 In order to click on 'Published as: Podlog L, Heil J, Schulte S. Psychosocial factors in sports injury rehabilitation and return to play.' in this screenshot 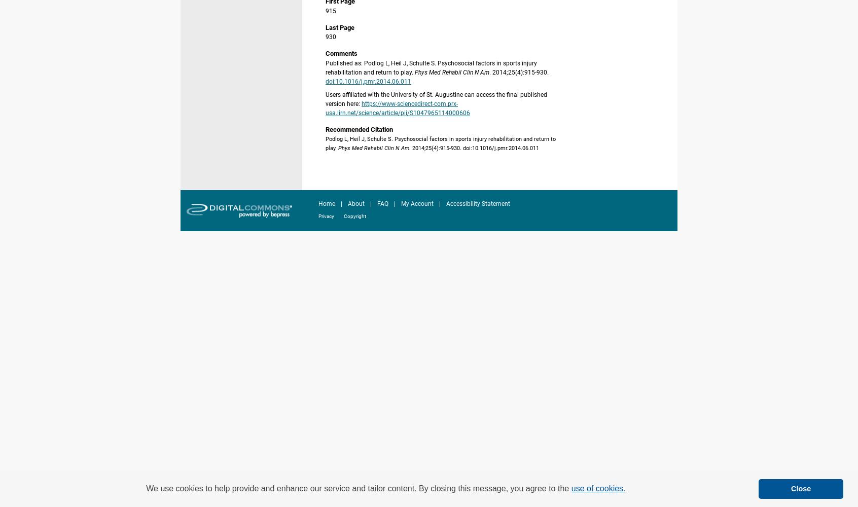, I will do `click(431, 67)`.